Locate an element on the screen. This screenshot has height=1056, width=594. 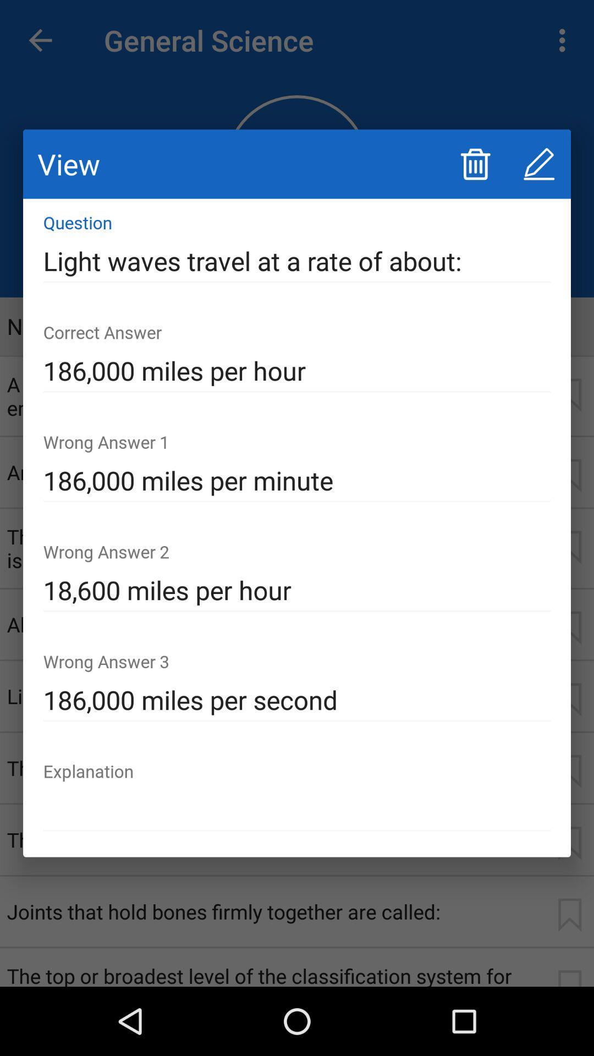
the 18 600 miles is located at coordinates (297, 590).